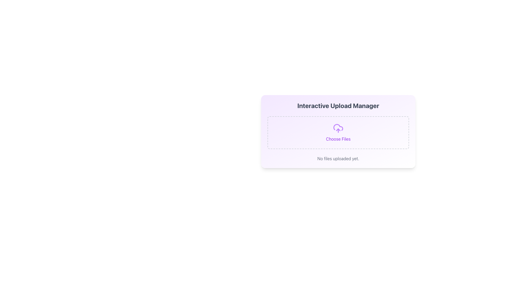 The width and height of the screenshot is (509, 286). What do you see at coordinates (338, 158) in the screenshot?
I see `the text element displaying 'No files uploaded yet.' which is located beneath the upload manager interface` at bounding box center [338, 158].